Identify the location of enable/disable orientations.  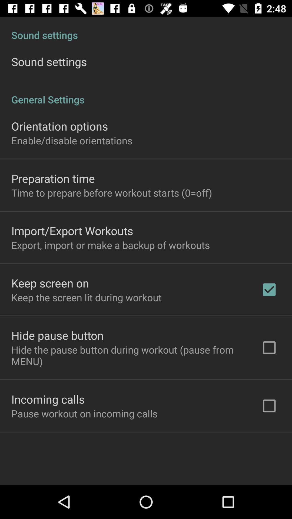
(71, 140).